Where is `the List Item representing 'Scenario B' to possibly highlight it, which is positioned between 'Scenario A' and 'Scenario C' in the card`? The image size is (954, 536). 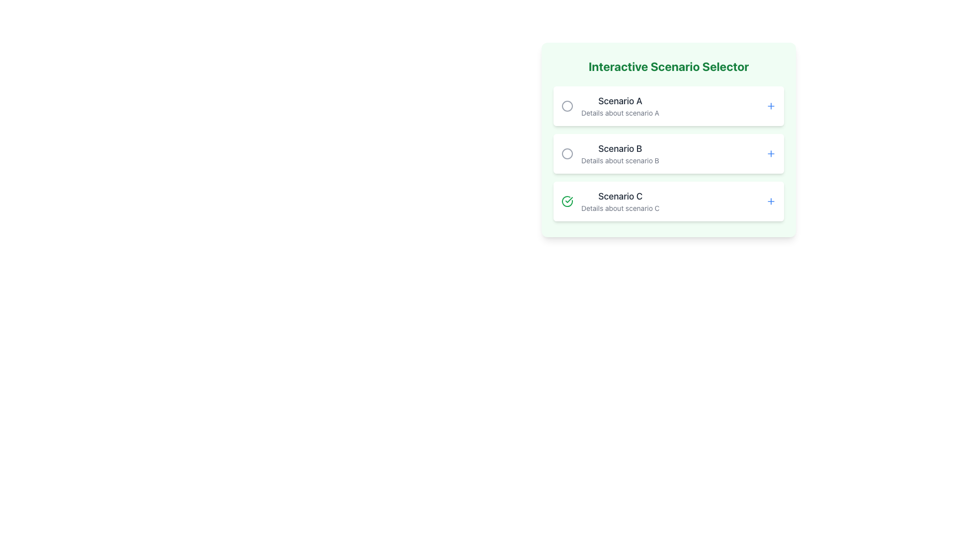 the List Item representing 'Scenario B' to possibly highlight it, which is positioned between 'Scenario A' and 'Scenario C' in the card is located at coordinates (668, 153).